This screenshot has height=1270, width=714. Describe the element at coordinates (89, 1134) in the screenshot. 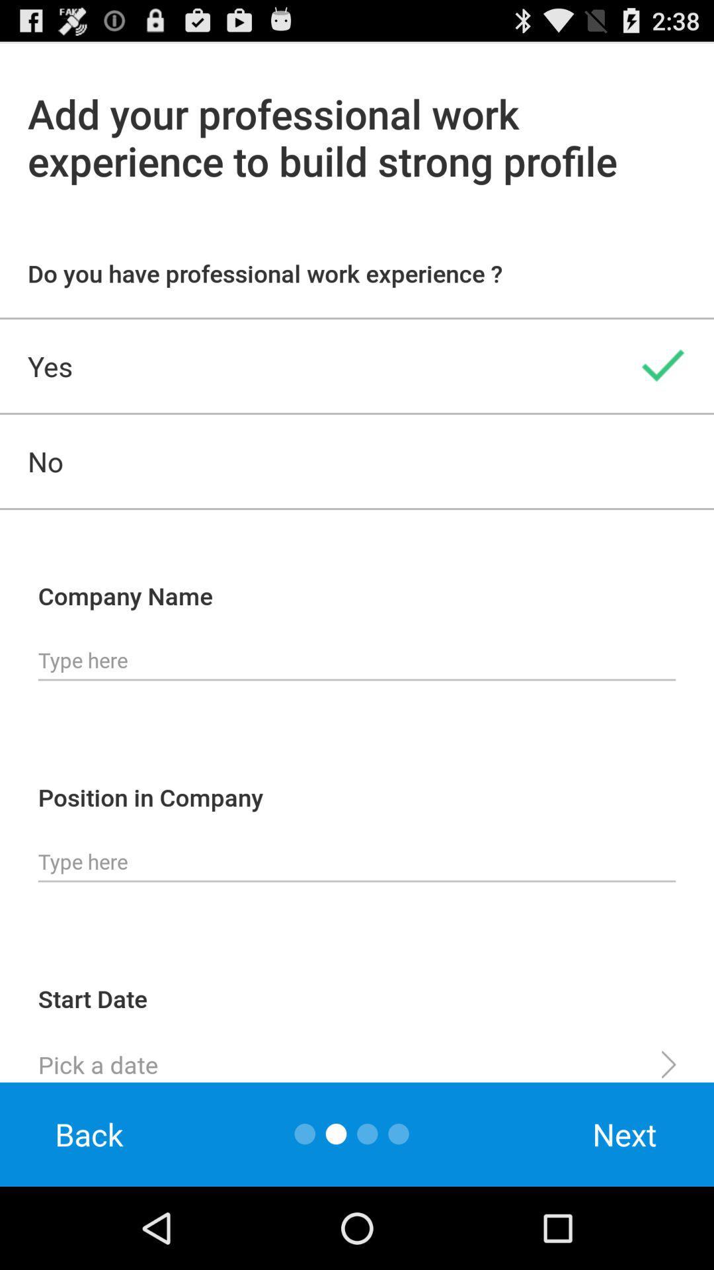

I see `back icon` at that location.